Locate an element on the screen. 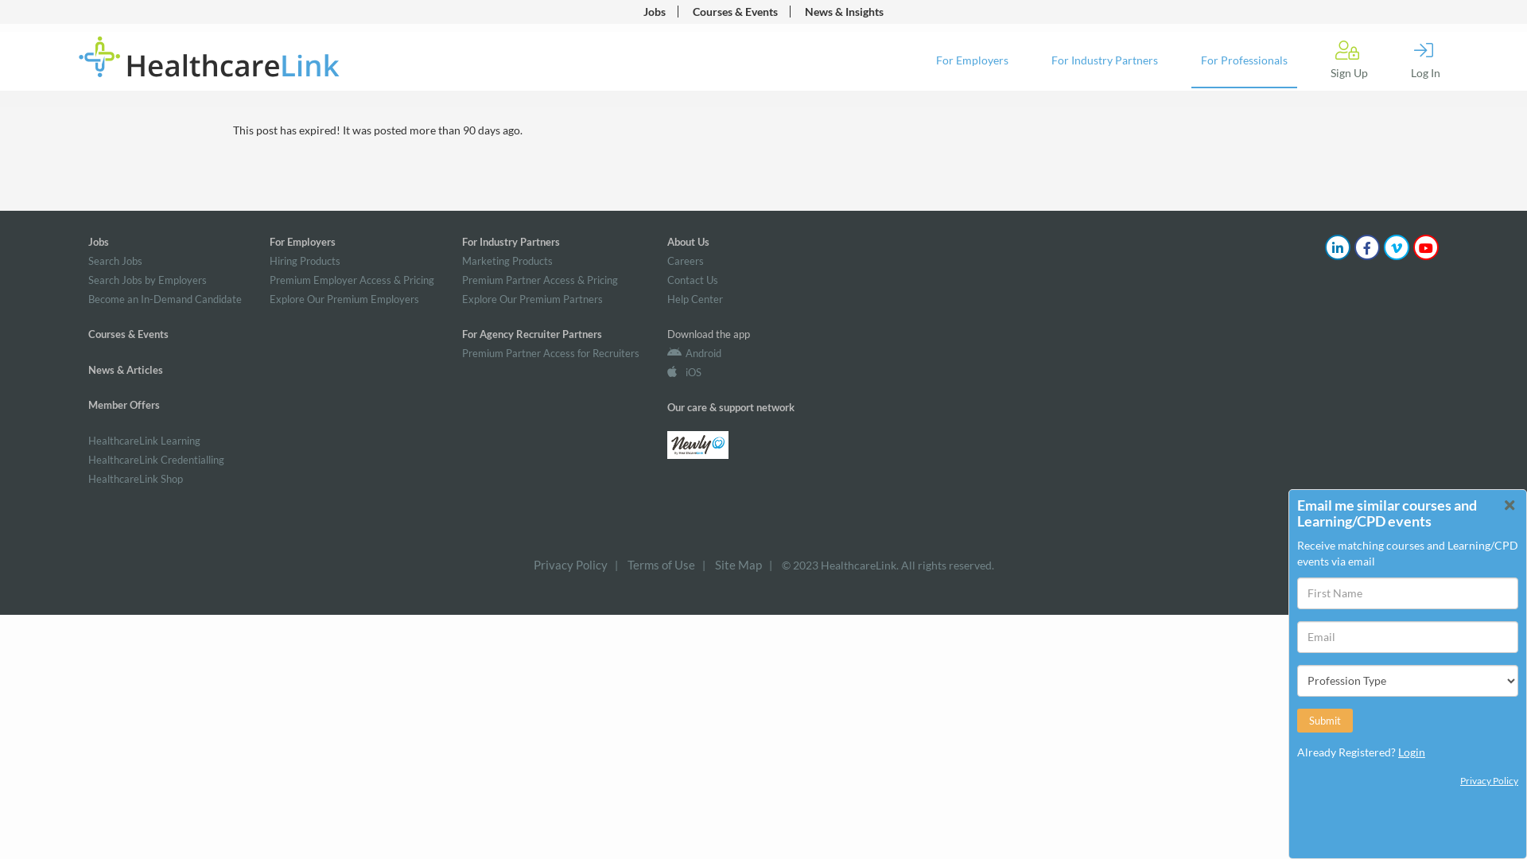 The image size is (1527, 859). 'Privacy Policy' is located at coordinates (569, 563).